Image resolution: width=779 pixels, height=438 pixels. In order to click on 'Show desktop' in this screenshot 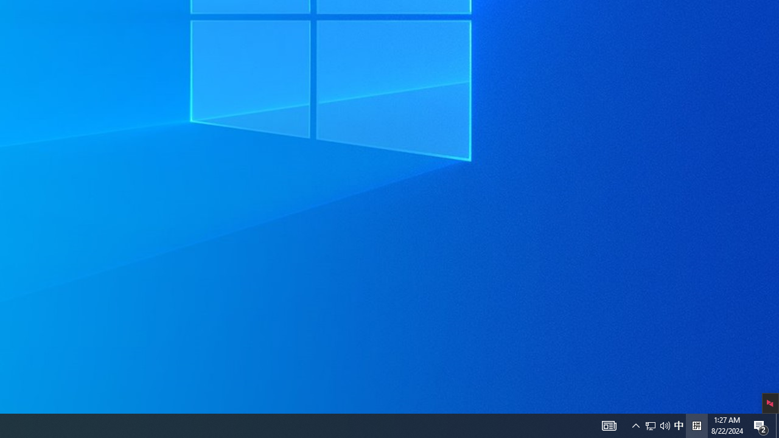, I will do `click(777, 425)`.